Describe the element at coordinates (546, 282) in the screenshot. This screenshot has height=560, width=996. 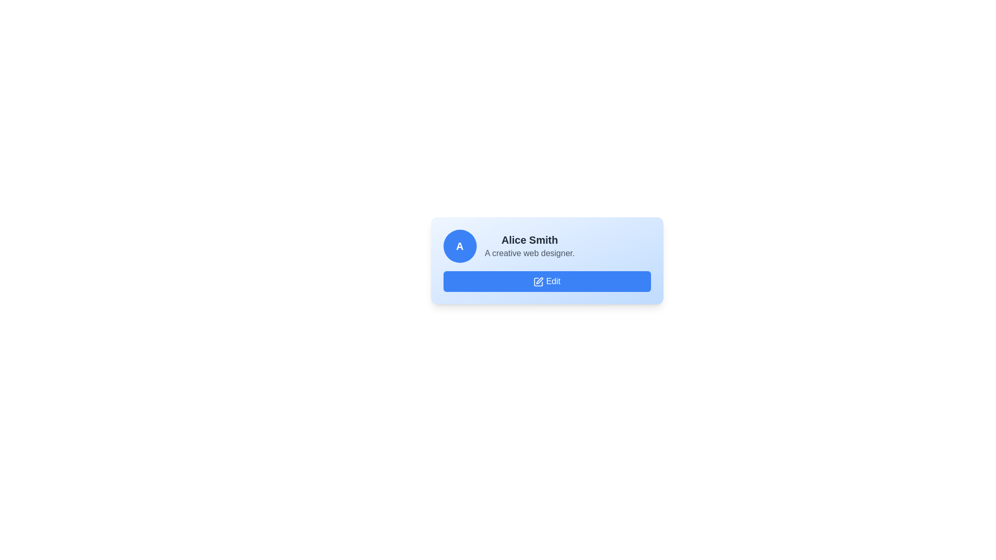
I see `the 'Edit' button with a blue background and pen icon` at that location.